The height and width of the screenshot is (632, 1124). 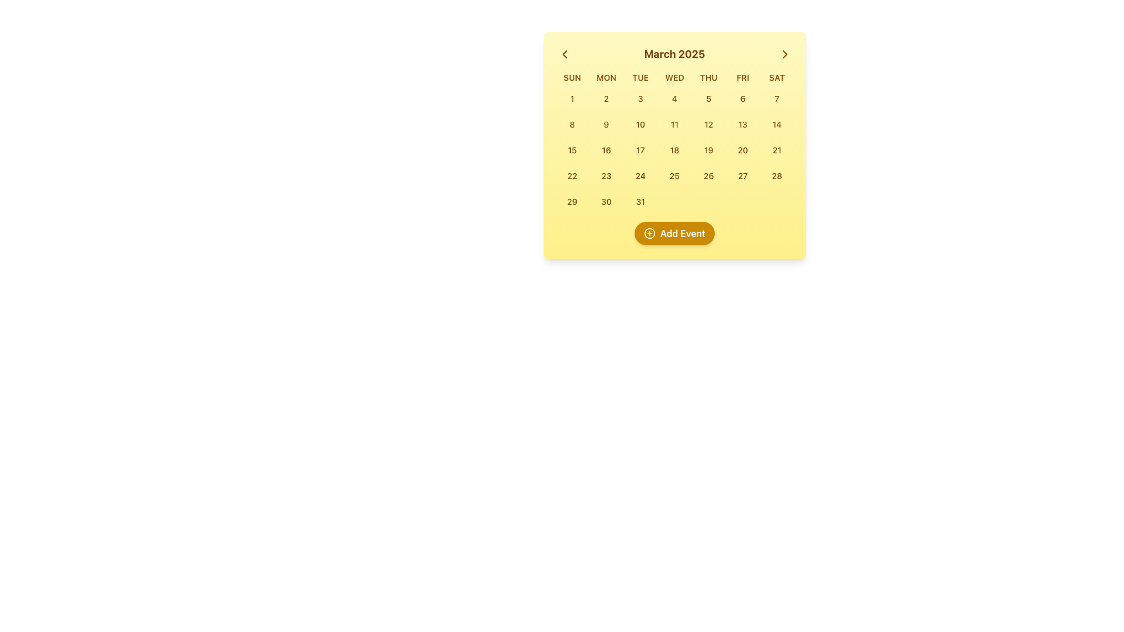 What do you see at coordinates (777, 98) in the screenshot?
I see `the date '7th' of March 2025` at bounding box center [777, 98].